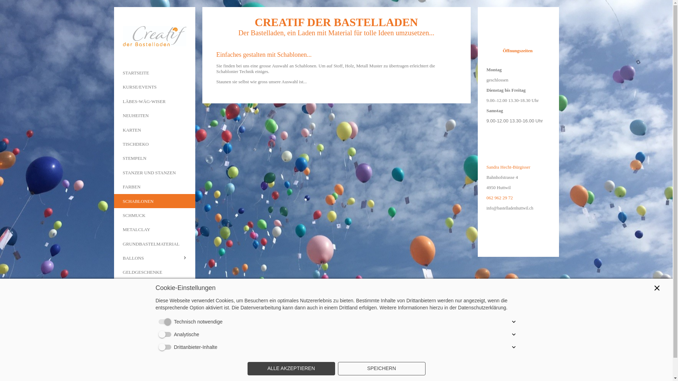 This screenshot has width=678, height=381. Describe the element at coordinates (154, 157) in the screenshot. I see `'STEMPELN'` at that location.